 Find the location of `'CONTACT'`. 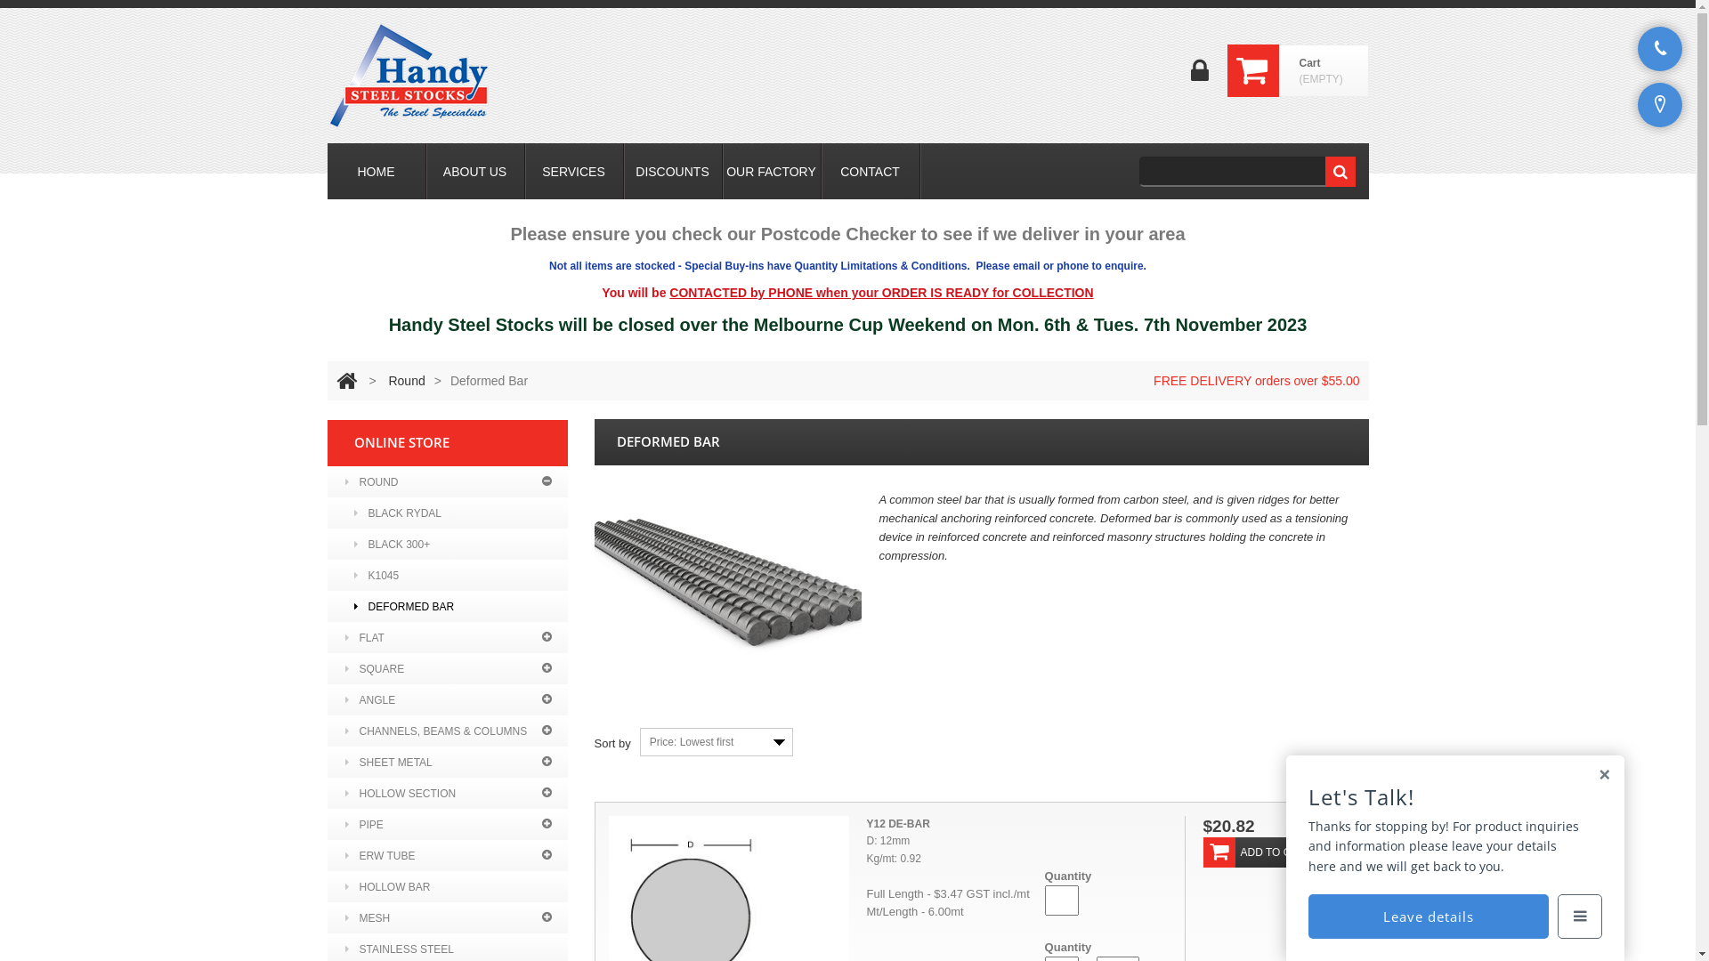

'CONTACT' is located at coordinates (819, 171).